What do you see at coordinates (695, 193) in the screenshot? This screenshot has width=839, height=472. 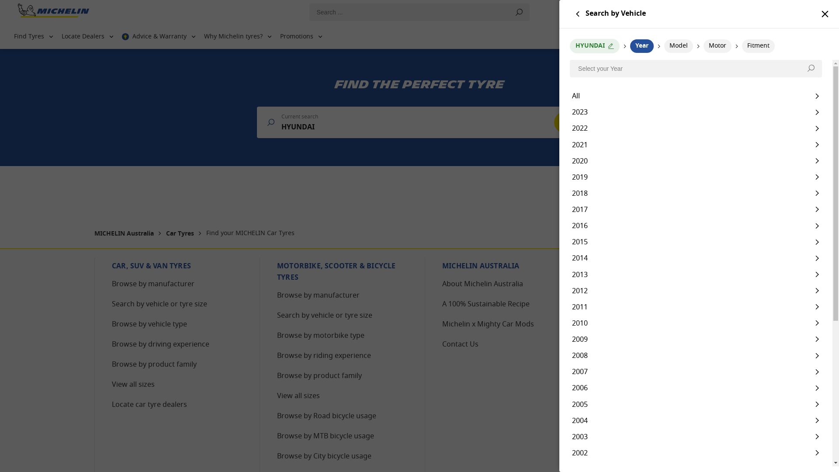 I see `'2018'` at bounding box center [695, 193].